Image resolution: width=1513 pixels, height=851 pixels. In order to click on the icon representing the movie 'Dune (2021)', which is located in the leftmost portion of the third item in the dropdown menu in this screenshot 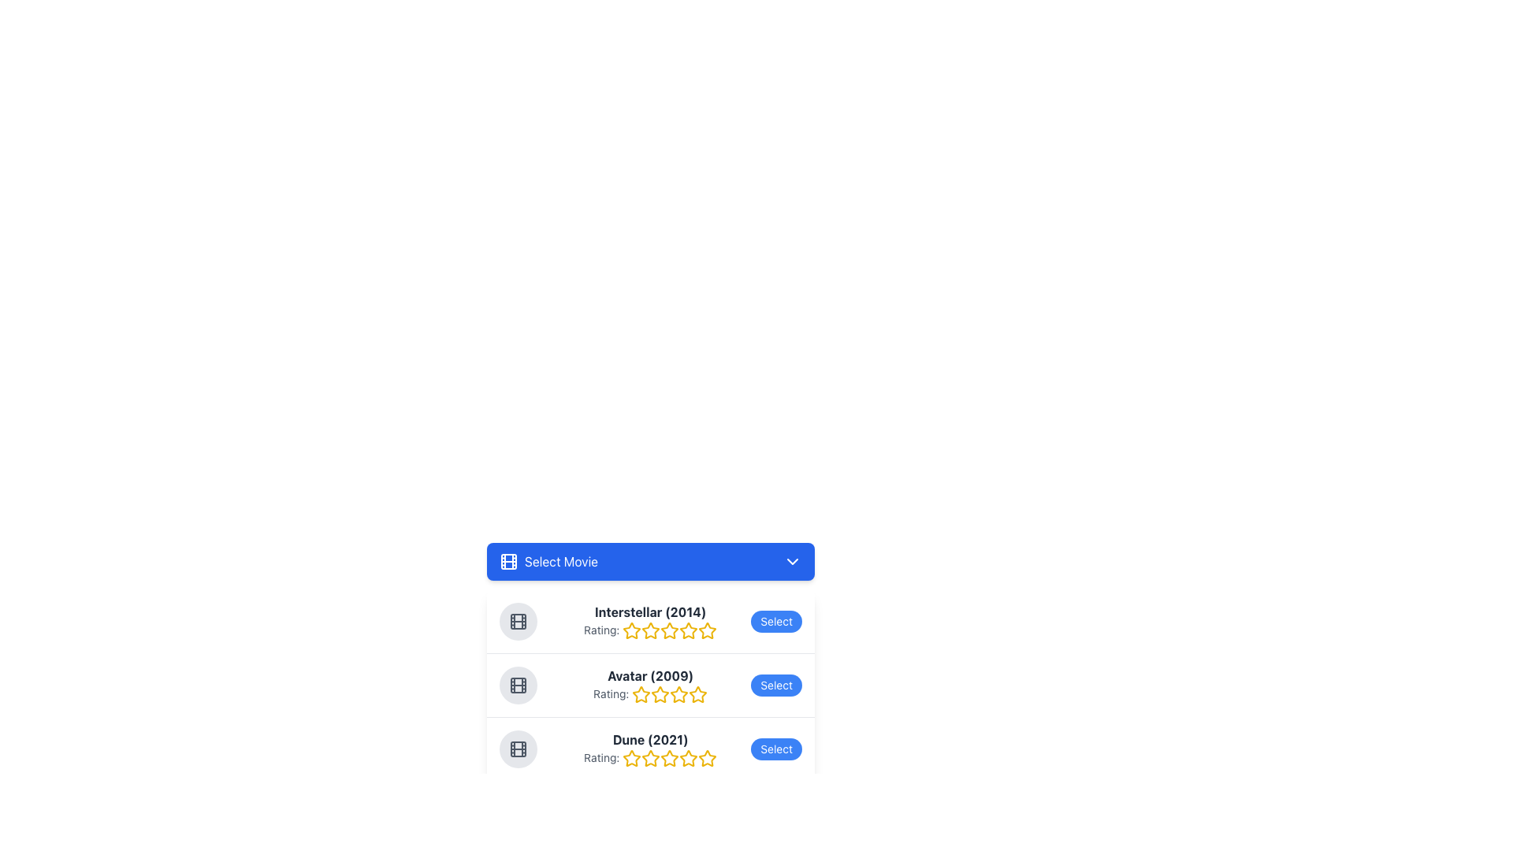, I will do `click(518, 749)`.